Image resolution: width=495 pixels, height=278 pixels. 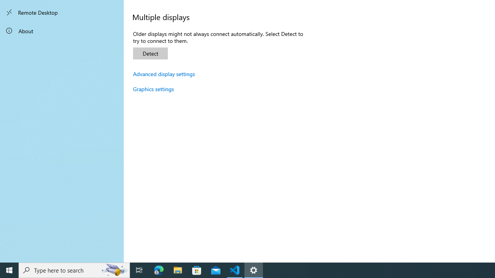 I want to click on 'Advanced display settings', so click(x=164, y=74).